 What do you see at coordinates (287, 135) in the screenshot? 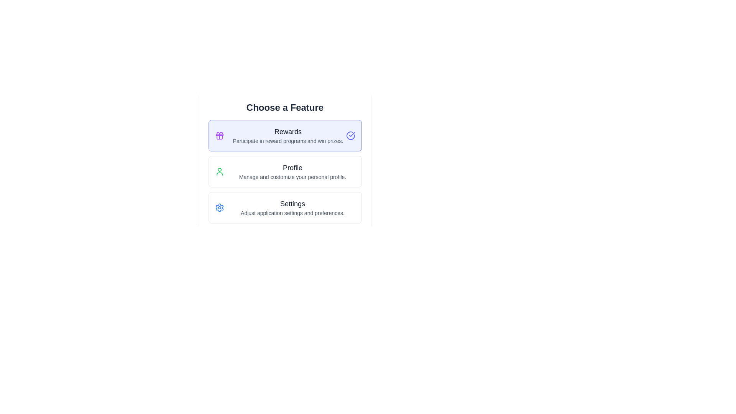
I see `the Static Text element that describes the 'Rewards' feature, located above the 'Profile' and 'Settings' buttons in the indigo-highlighted section` at bounding box center [287, 135].